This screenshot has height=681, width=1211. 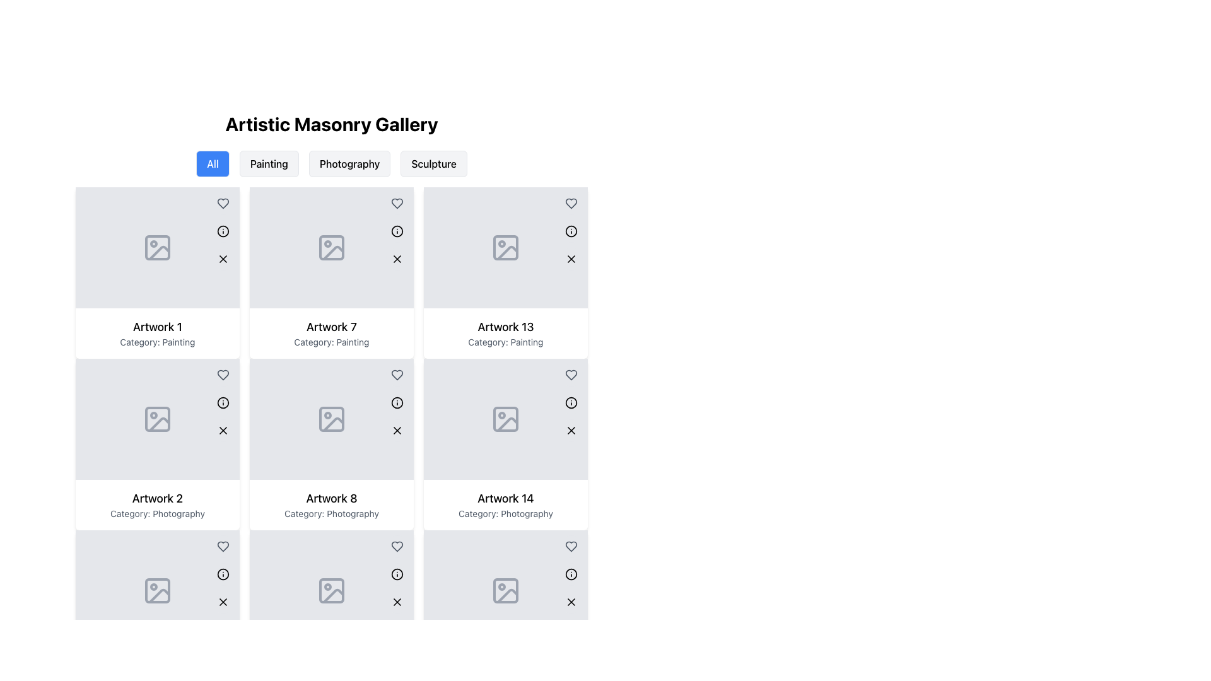 I want to click on the circular icon button with the letter 'i' at its center, located within the item labeled 'Artwork 13' in the third column of the grid layout, so click(x=571, y=231).